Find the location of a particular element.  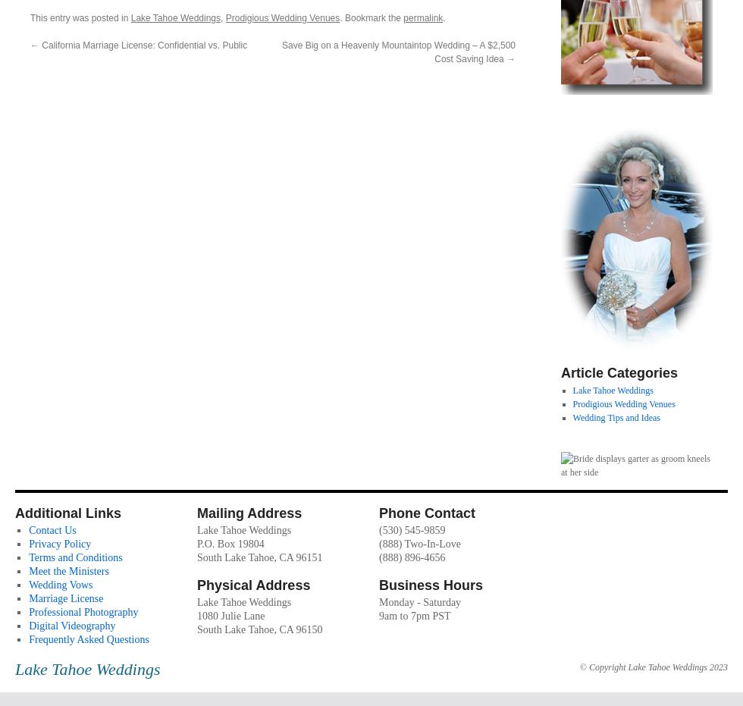

'permalink' is located at coordinates (423, 16).